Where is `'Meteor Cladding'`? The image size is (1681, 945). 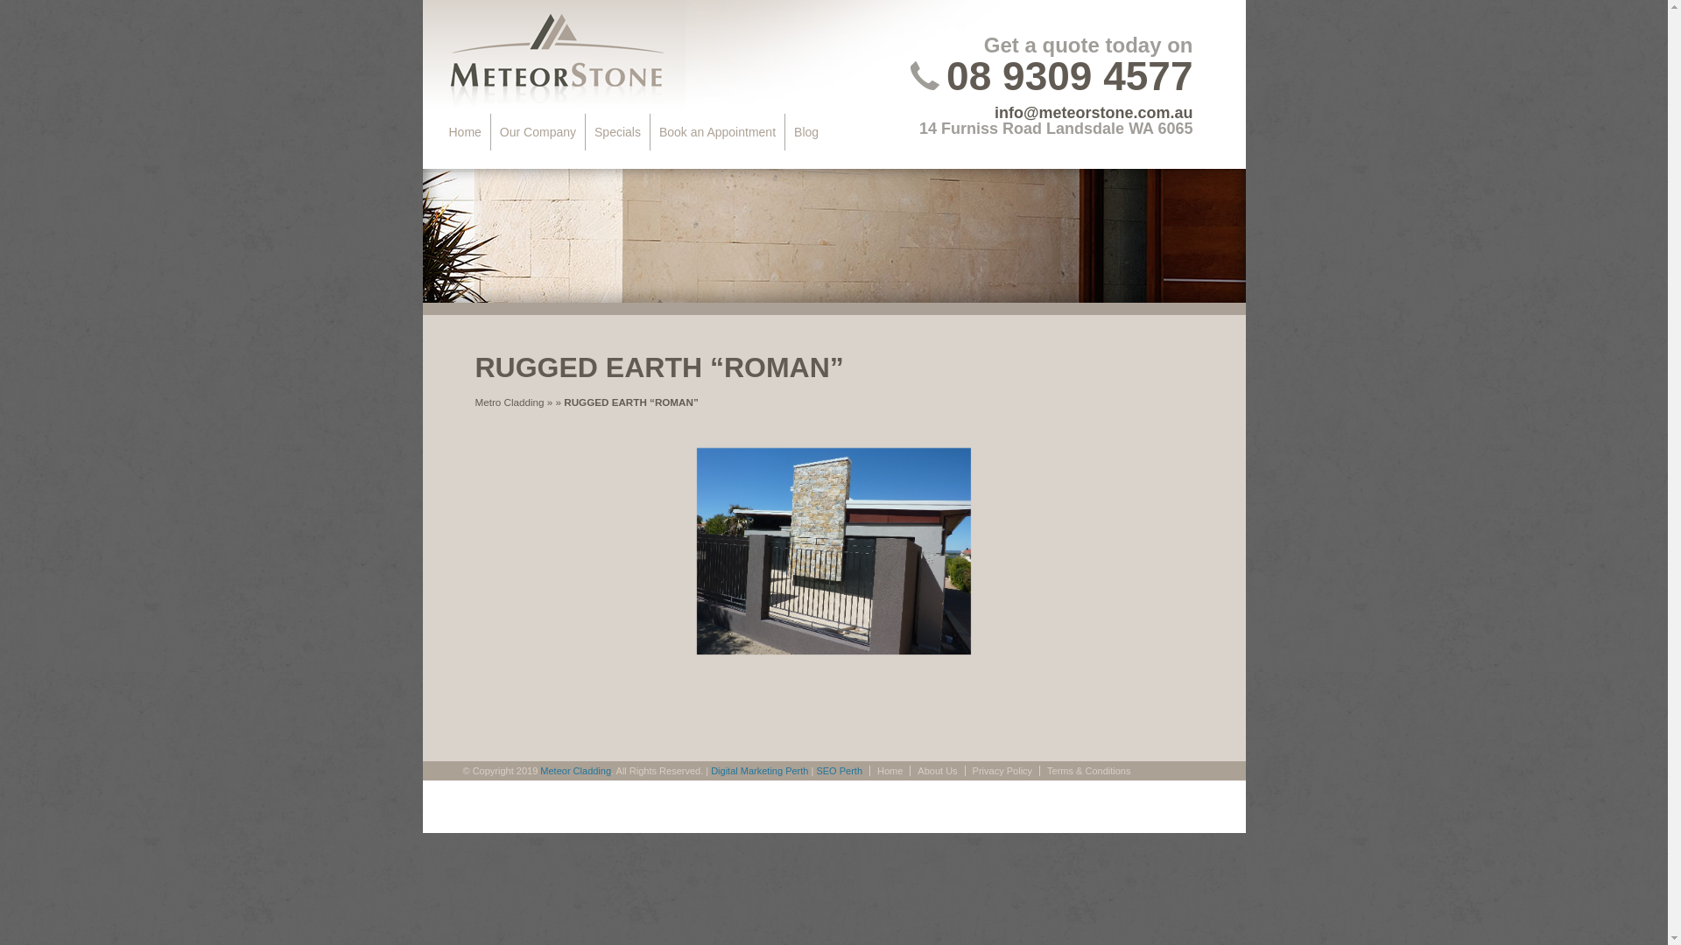 'Meteor Cladding' is located at coordinates (552, 55).